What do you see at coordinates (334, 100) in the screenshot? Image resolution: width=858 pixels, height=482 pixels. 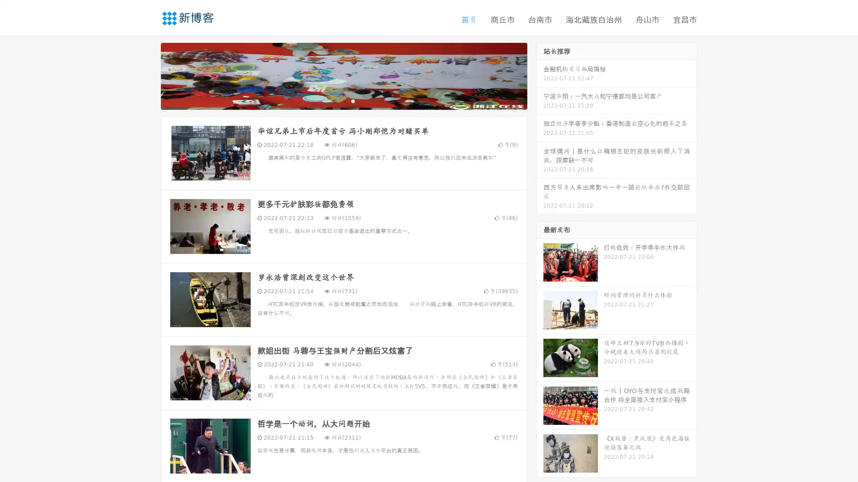 I see `Go to slide 1` at bounding box center [334, 100].